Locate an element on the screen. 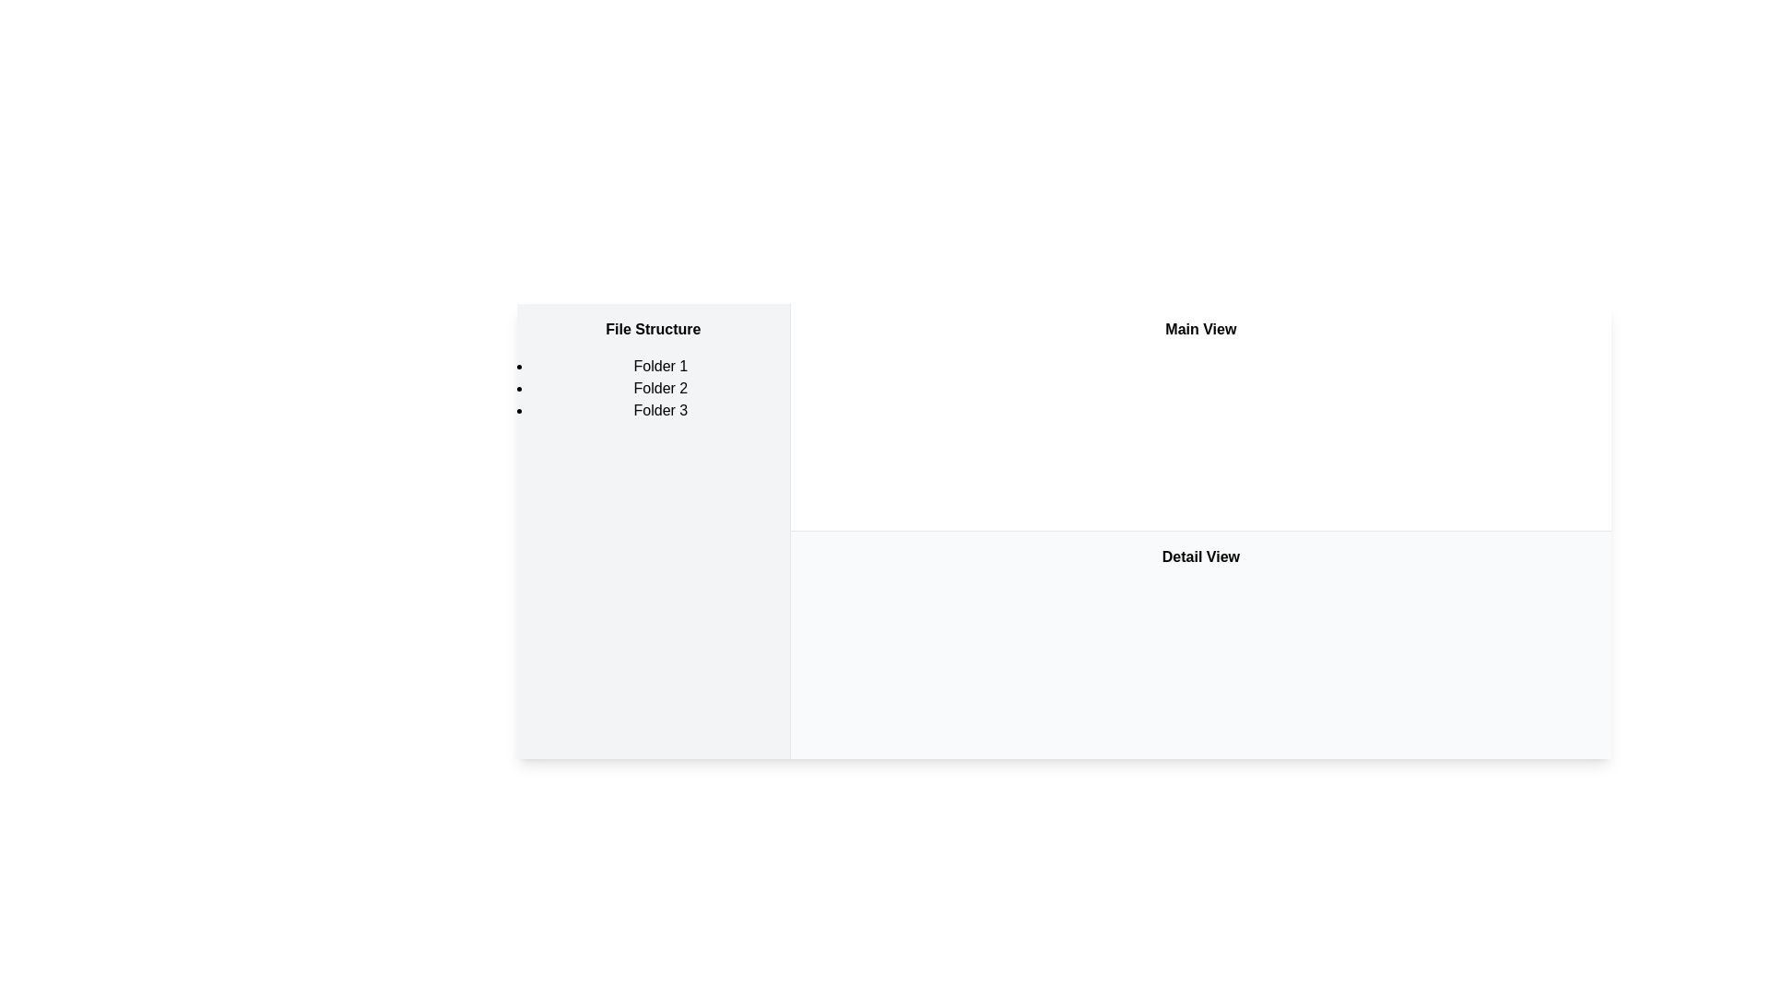 The image size is (1770, 995). individual list items in the unordered list located in the left panel under the 'File Structure' heading is located at coordinates (660, 387).